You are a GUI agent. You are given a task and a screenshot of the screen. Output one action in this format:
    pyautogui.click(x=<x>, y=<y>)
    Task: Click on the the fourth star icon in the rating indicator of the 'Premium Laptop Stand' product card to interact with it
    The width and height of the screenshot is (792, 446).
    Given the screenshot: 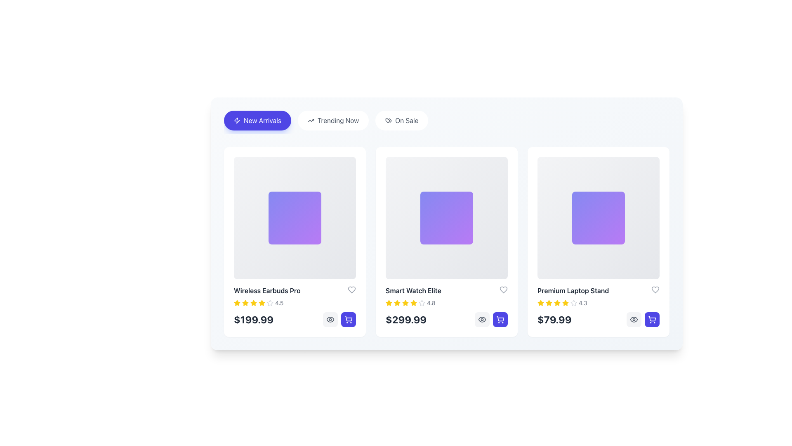 What is the action you would take?
    pyautogui.click(x=573, y=302)
    